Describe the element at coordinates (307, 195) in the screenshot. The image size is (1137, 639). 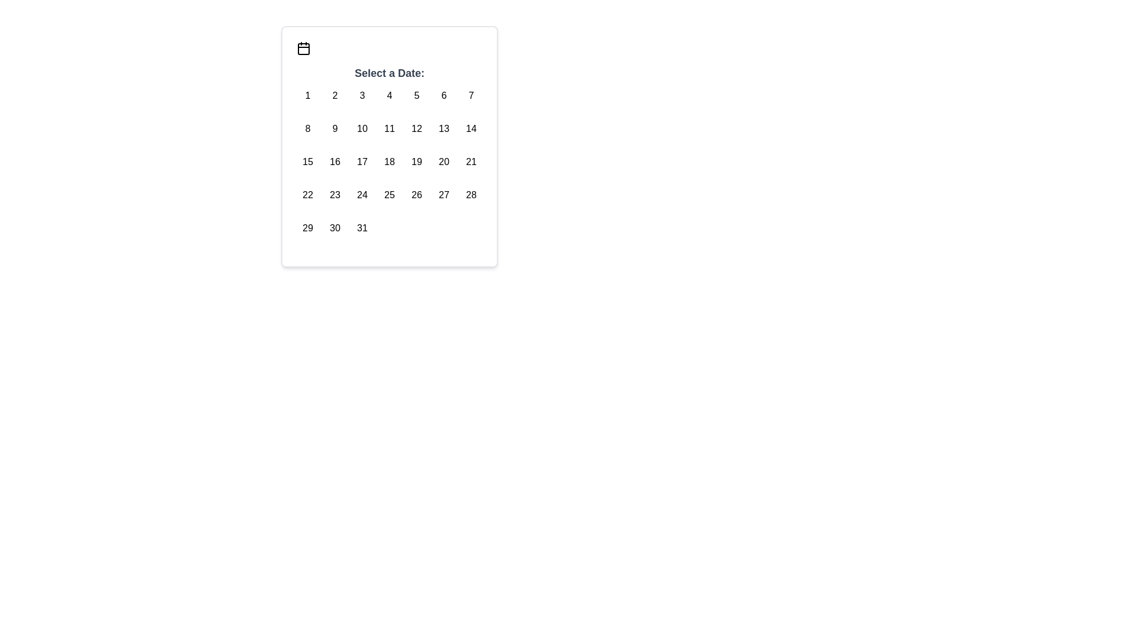
I see `the date selection button for the 22nd day of the month in the calendar interface` at that location.